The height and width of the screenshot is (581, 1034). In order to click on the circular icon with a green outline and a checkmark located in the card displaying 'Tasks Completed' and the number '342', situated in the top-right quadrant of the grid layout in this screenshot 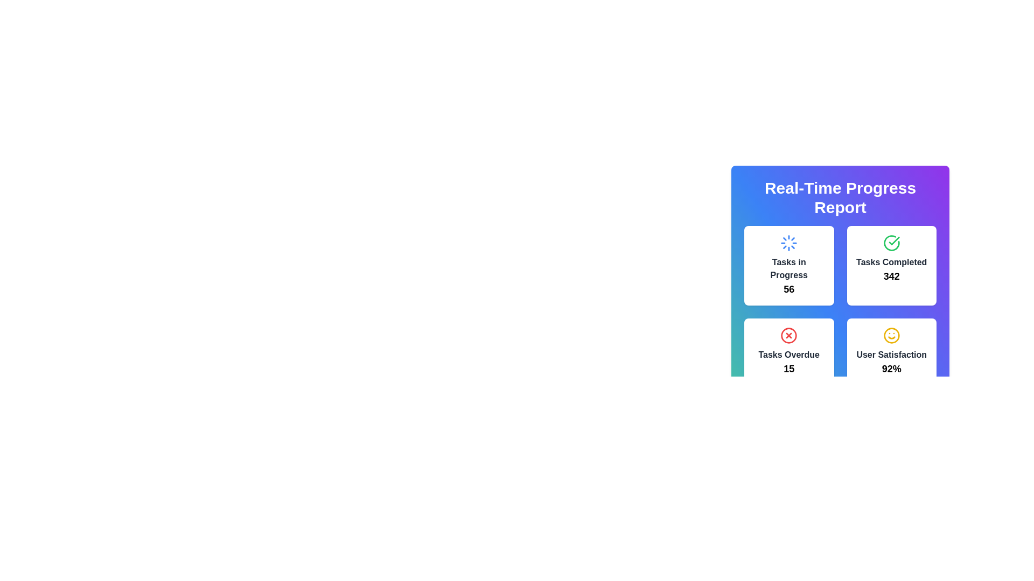, I will do `click(891, 243)`.